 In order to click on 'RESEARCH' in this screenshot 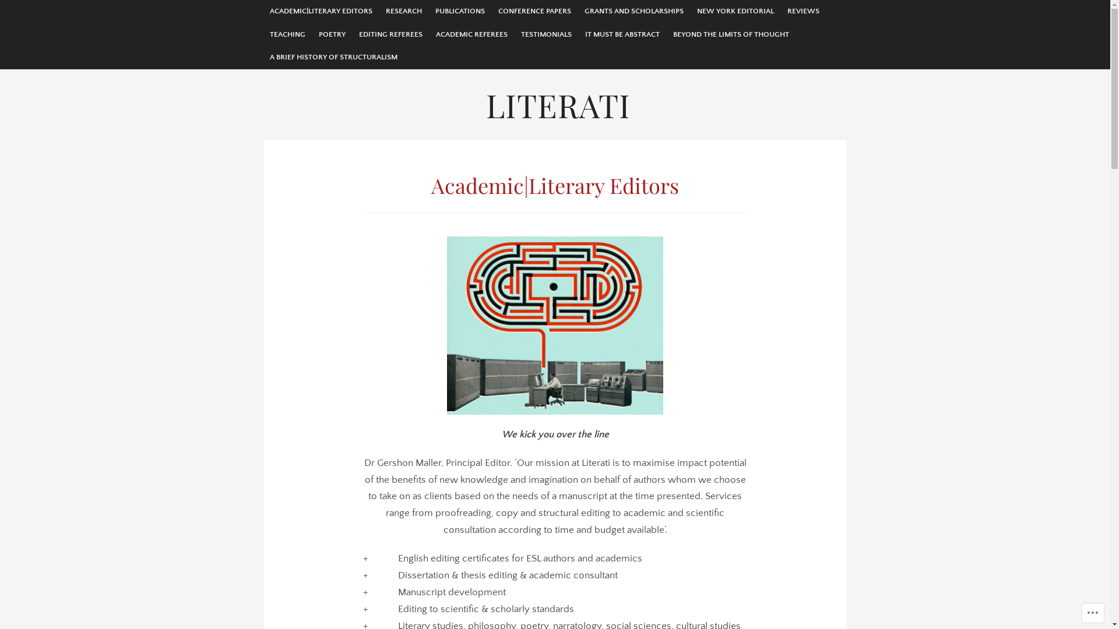, I will do `click(403, 11)`.